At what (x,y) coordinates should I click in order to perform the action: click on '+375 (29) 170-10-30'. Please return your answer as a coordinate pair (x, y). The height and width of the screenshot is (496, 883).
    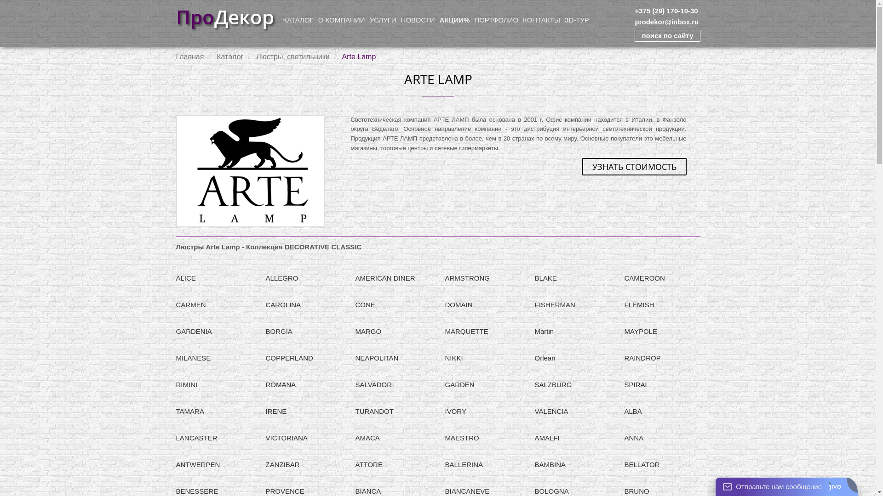
    Looking at the image, I should click on (666, 11).